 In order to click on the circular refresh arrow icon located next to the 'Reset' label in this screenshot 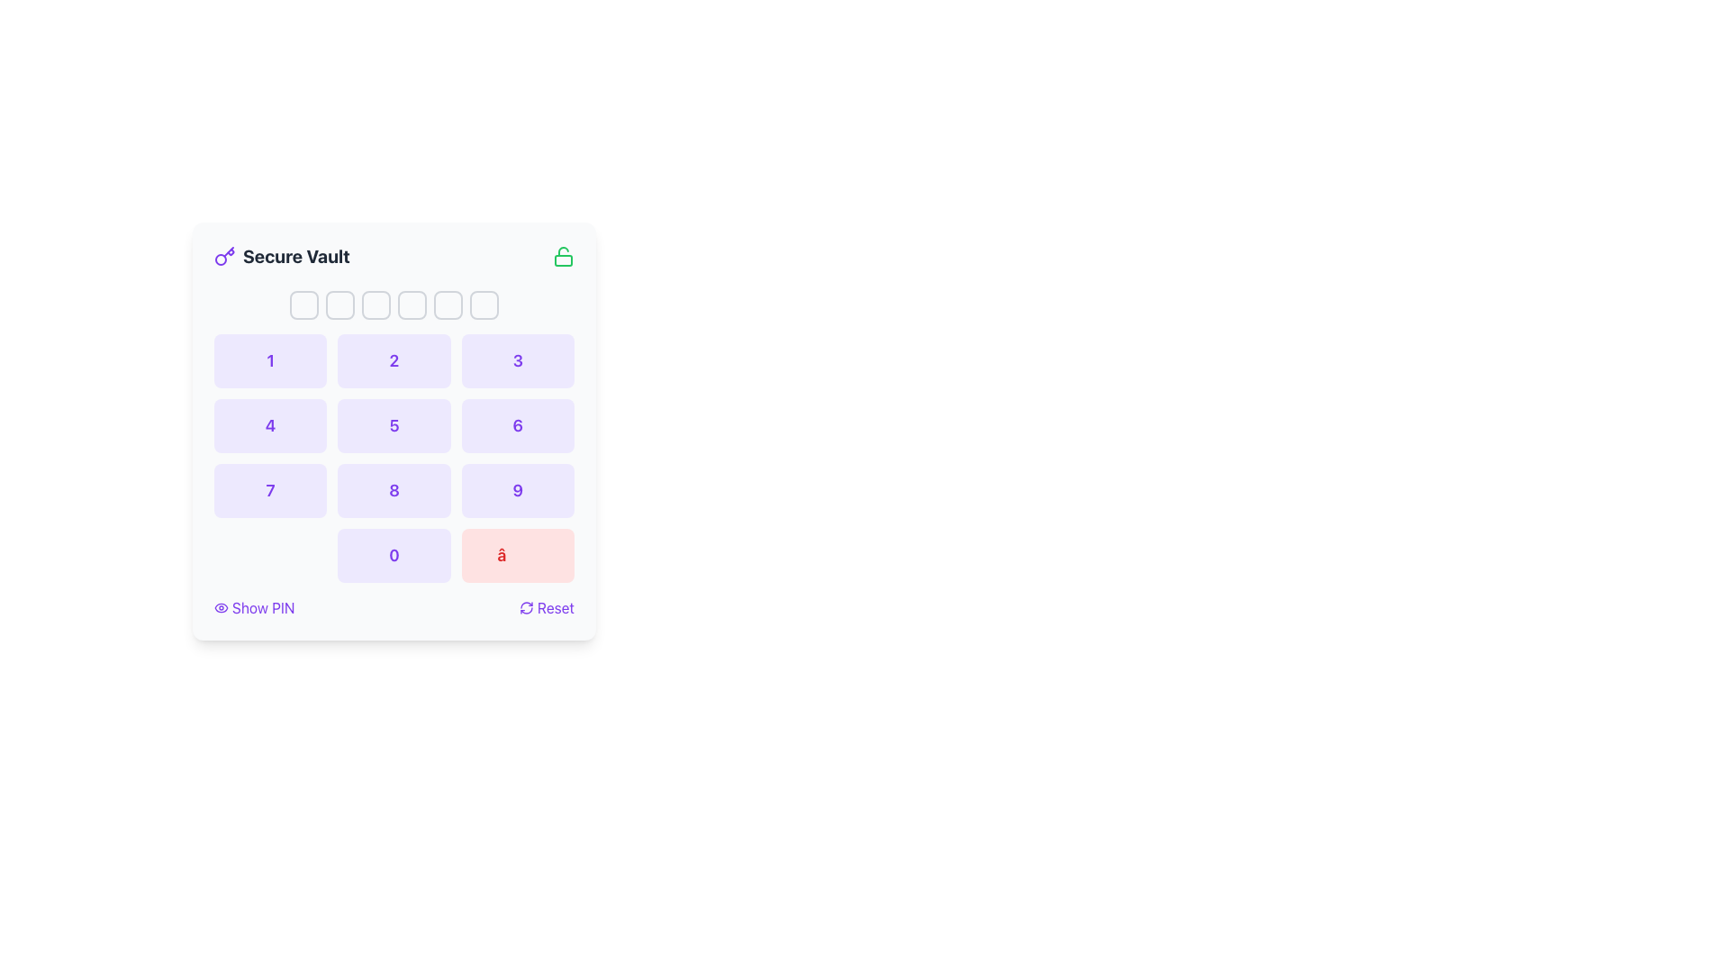, I will do `click(525, 608)`.